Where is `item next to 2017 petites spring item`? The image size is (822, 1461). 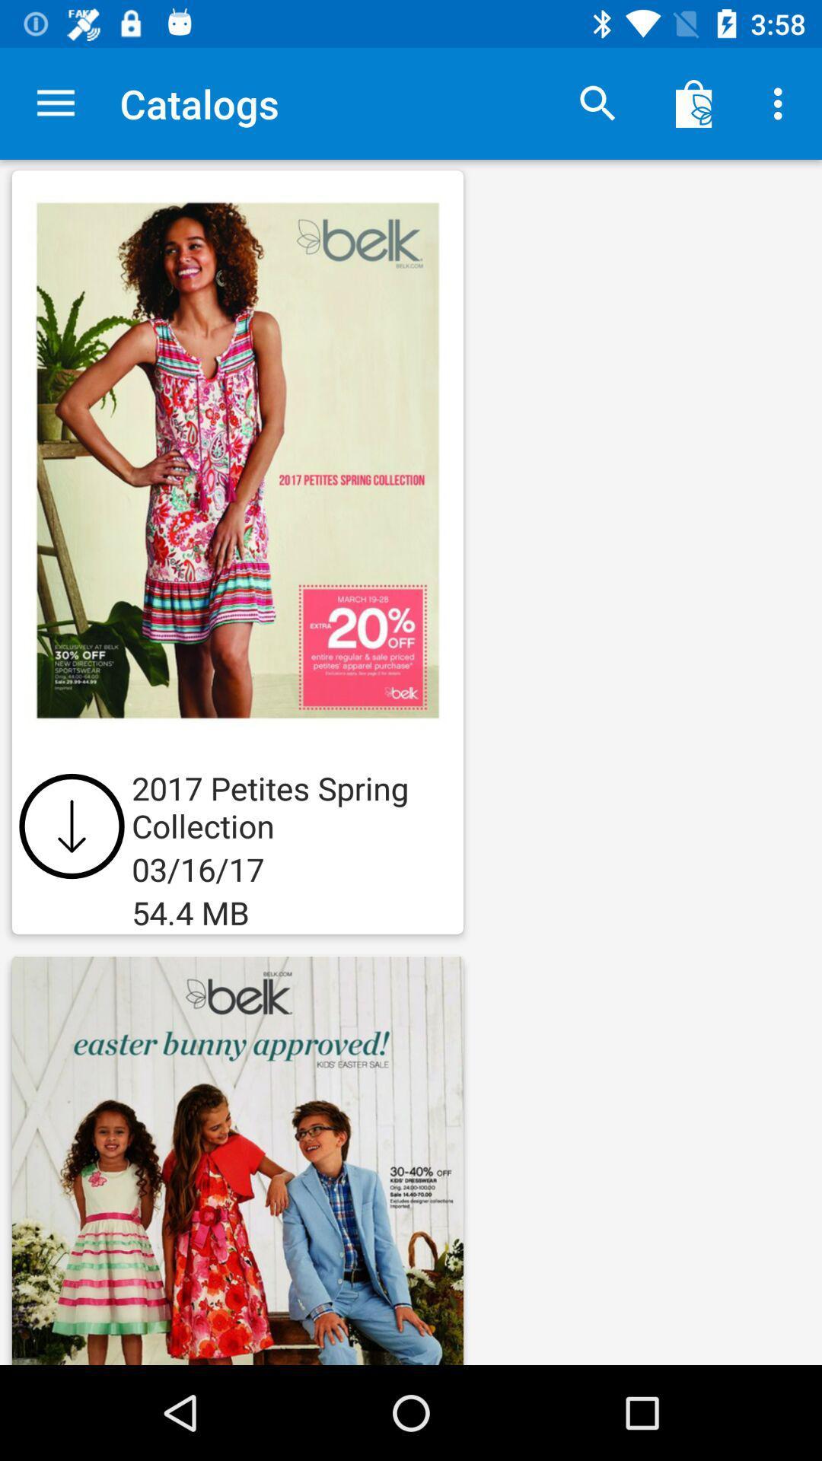
item next to 2017 petites spring item is located at coordinates (72, 825).